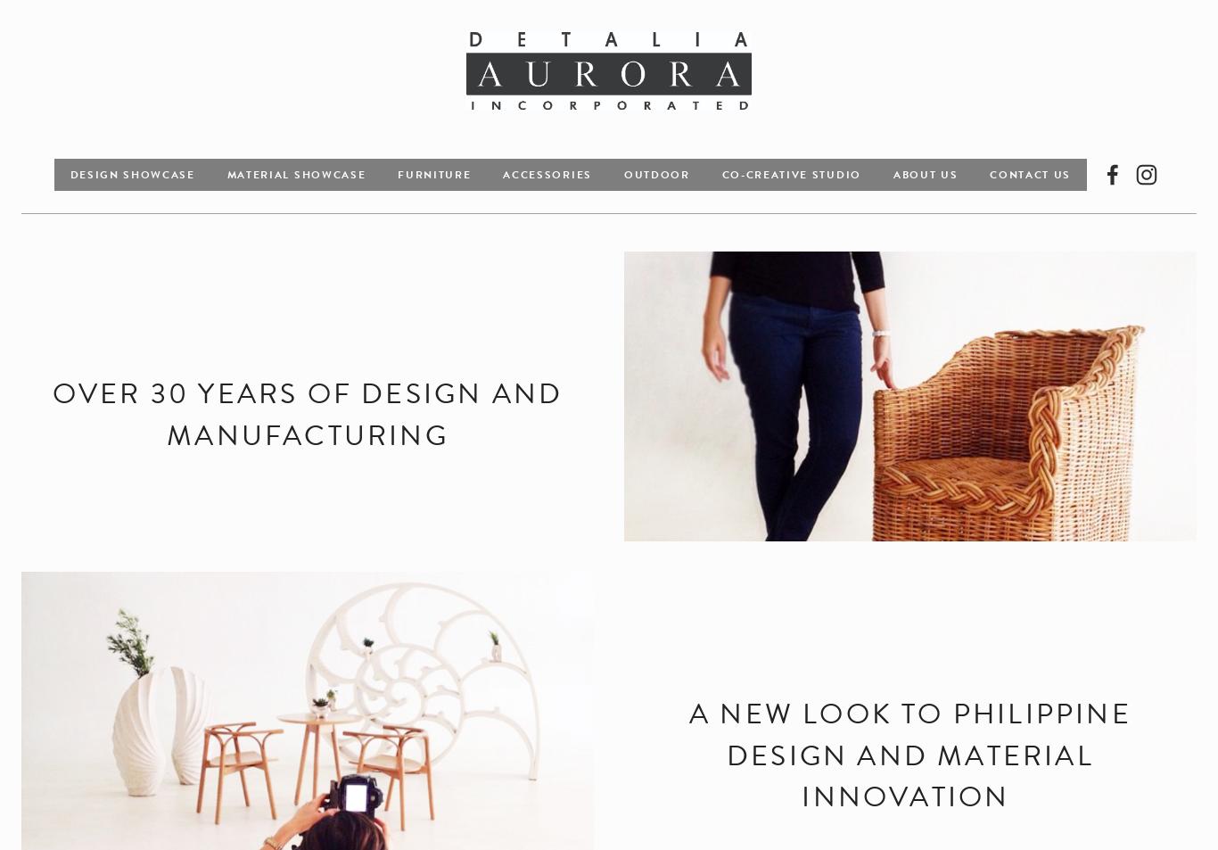  What do you see at coordinates (914, 755) in the screenshot?
I see `'A NEW LOOK TO PHILIPPINE DESIGN AND MATERIAL INNOVATION'` at bounding box center [914, 755].